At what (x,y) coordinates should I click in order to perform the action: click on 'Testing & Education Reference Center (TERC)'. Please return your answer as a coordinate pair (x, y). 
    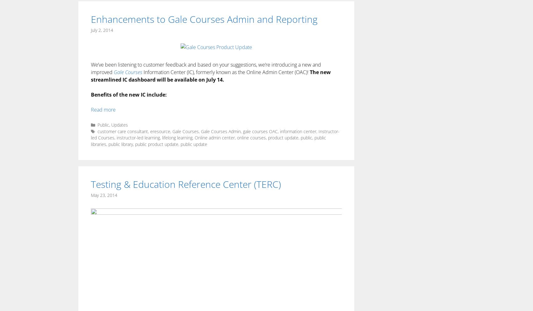
    Looking at the image, I should click on (185, 183).